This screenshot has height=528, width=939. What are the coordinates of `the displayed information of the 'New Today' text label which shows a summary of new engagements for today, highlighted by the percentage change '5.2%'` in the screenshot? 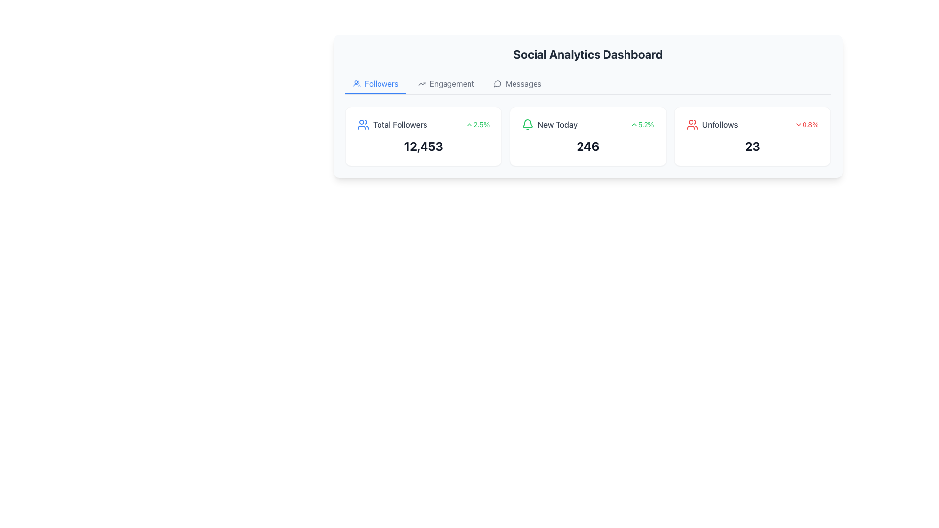 It's located at (587, 124).